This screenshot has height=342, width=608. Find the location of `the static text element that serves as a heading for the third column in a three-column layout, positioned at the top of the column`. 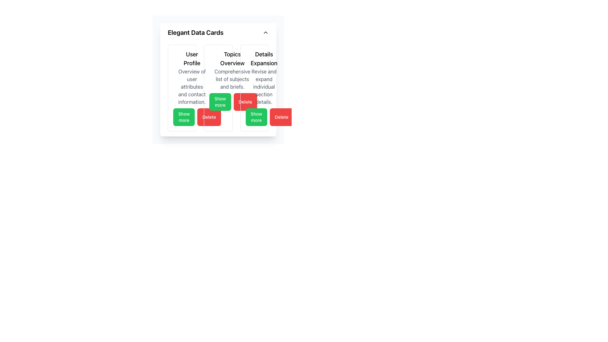

the static text element that serves as a heading for the third column in a three-column layout, positioned at the top of the column is located at coordinates (264, 59).